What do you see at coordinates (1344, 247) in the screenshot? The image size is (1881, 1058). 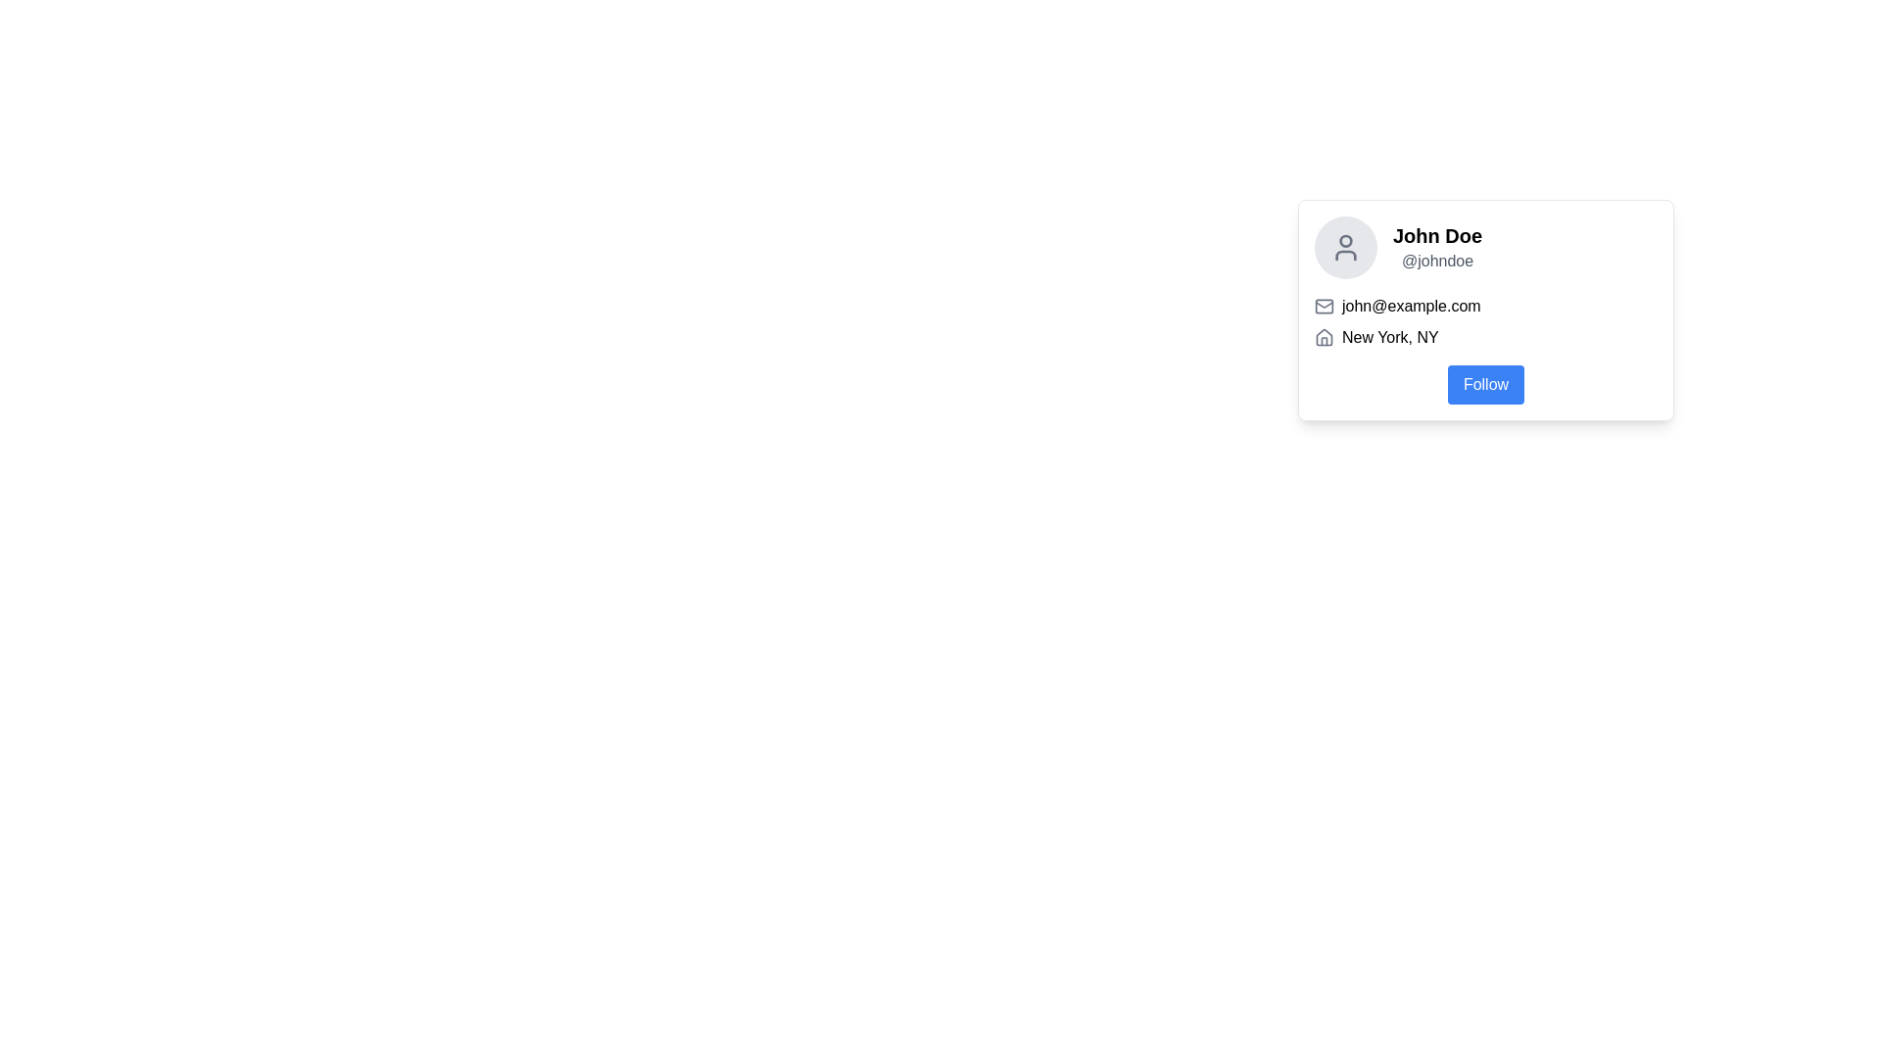 I see `the user profile silhouette icon displayed in a light gray color within a circular background, located in the upper-left corner of the user details card` at bounding box center [1344, 247].